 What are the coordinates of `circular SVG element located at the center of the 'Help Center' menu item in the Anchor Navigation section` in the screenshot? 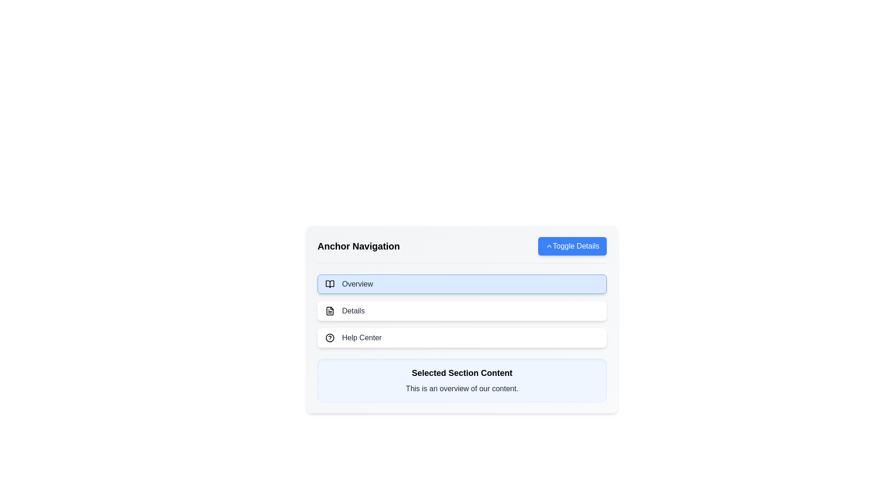 It's located at (330, 337).